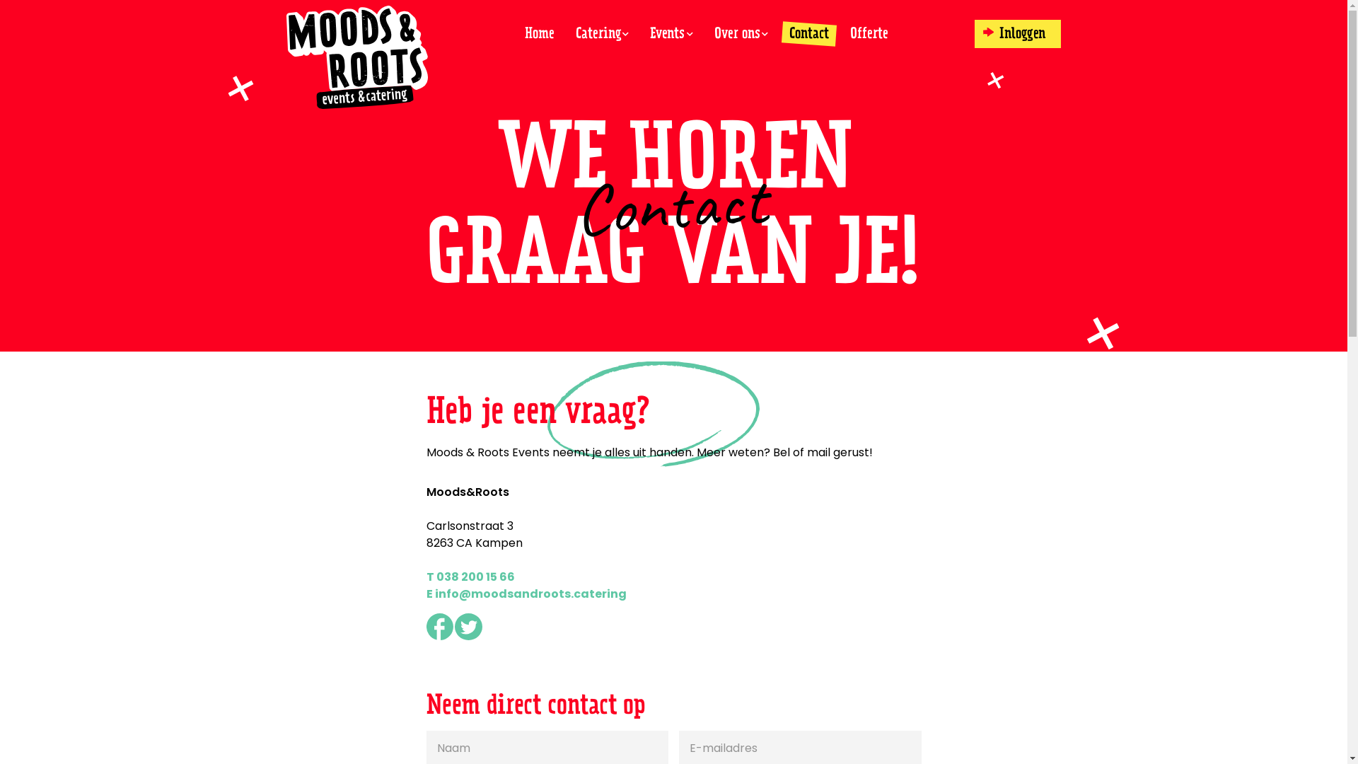  I want to click on 'Contact', so click(808, 33).